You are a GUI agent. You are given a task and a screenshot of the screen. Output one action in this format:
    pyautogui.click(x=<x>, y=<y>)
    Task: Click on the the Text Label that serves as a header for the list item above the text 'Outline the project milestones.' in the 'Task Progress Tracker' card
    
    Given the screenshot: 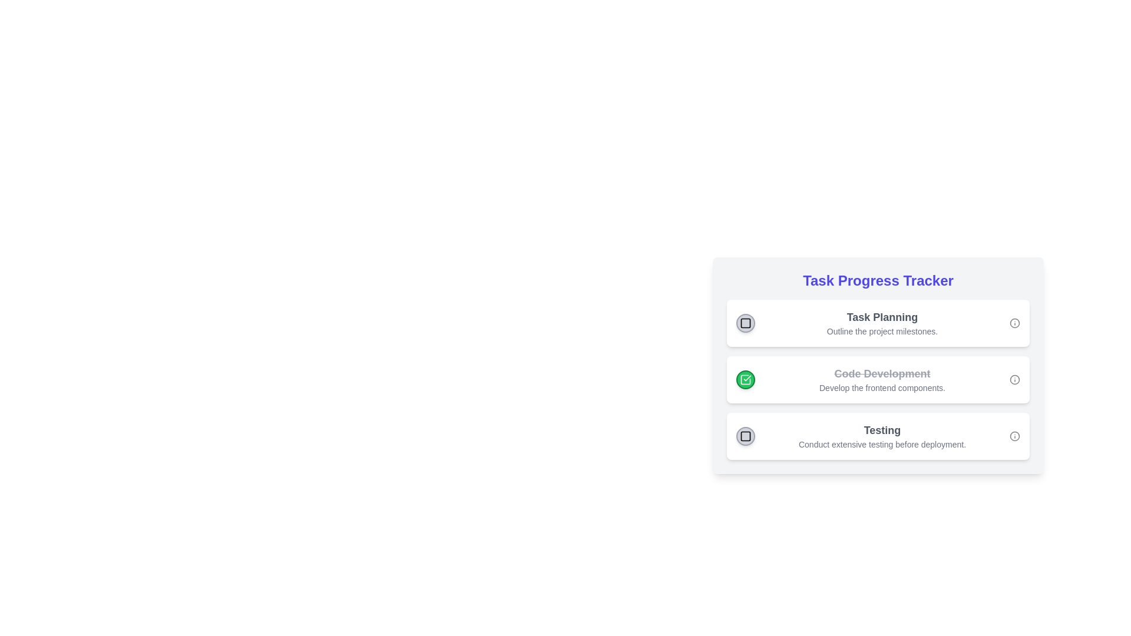 What is the action you would take?
    pyautogui.click(x=882, y=317)
    